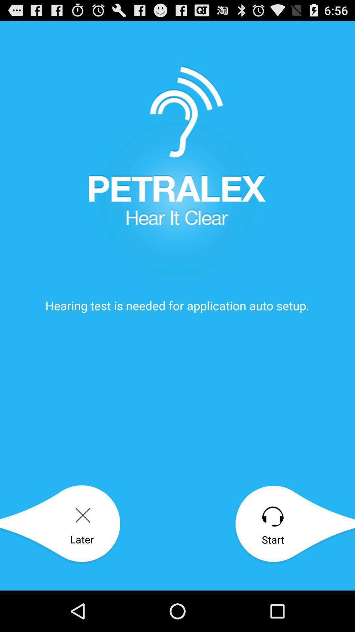  Describe the element at coordinates (294, 524) in the screenshot. I see `item to the right of the later icon` at that location.